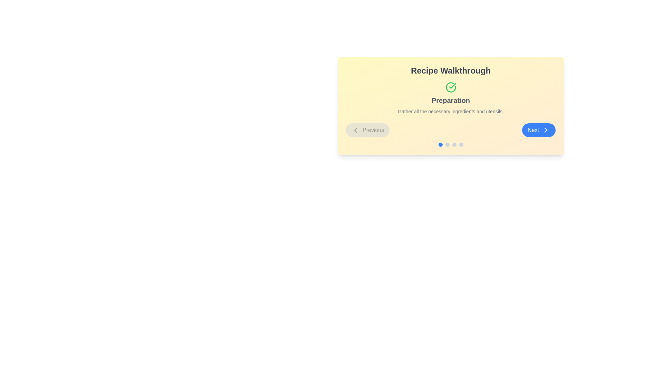  Describe the element at coordinates (451, 87) in the screenshot. I see `the green circular icon with a checkmark inside, which is positioned above the text 'Preparation' in the step description card` at that location.